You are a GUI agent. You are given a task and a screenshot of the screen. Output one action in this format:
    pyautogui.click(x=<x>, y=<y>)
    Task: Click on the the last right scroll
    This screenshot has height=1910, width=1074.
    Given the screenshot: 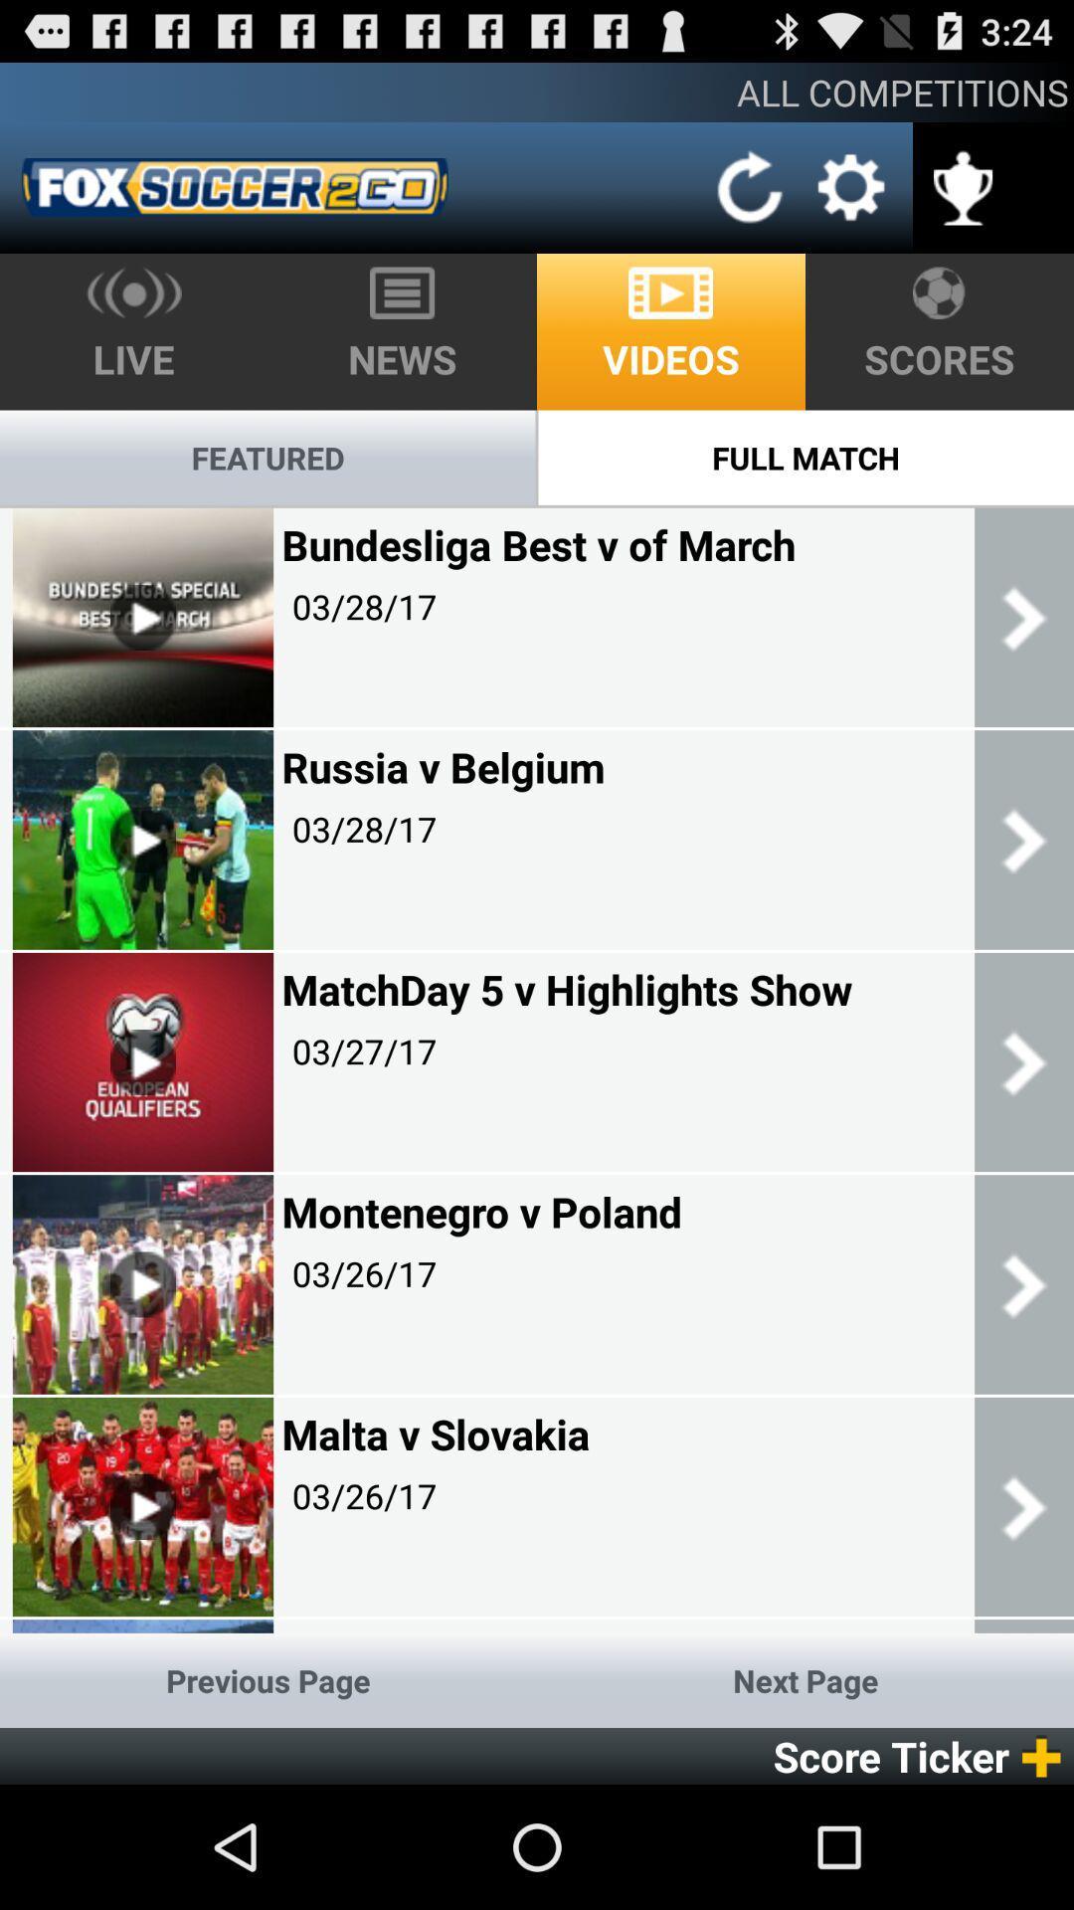 What is the action you would take?
    pyautogui.click(x=1023, y=1507)
    